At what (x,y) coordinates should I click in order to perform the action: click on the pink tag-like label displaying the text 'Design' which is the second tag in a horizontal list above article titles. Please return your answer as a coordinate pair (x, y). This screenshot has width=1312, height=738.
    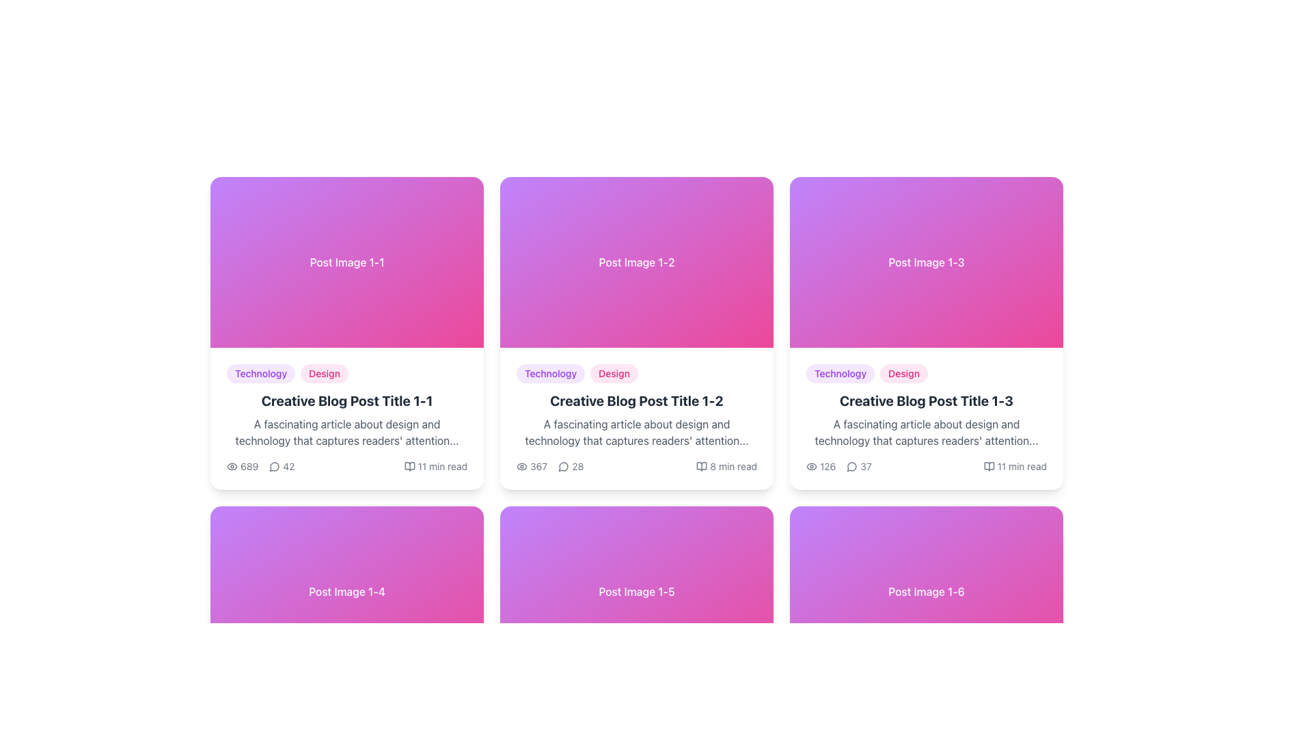
    Looking at the image, I should click on (614, 374).